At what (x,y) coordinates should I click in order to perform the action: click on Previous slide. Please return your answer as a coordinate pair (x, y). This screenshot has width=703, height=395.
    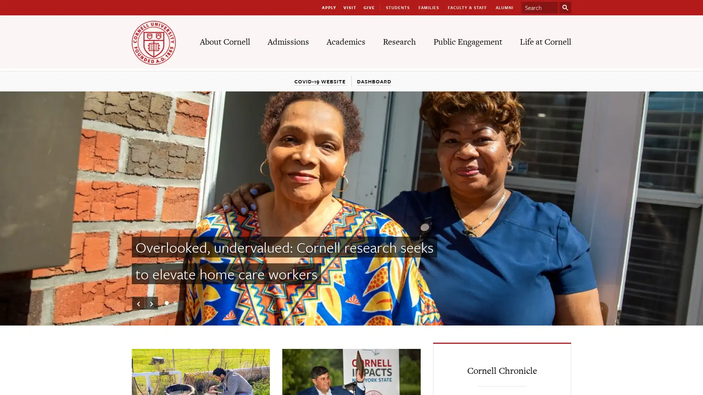
    Looking at the image, I should click on (138, 303).